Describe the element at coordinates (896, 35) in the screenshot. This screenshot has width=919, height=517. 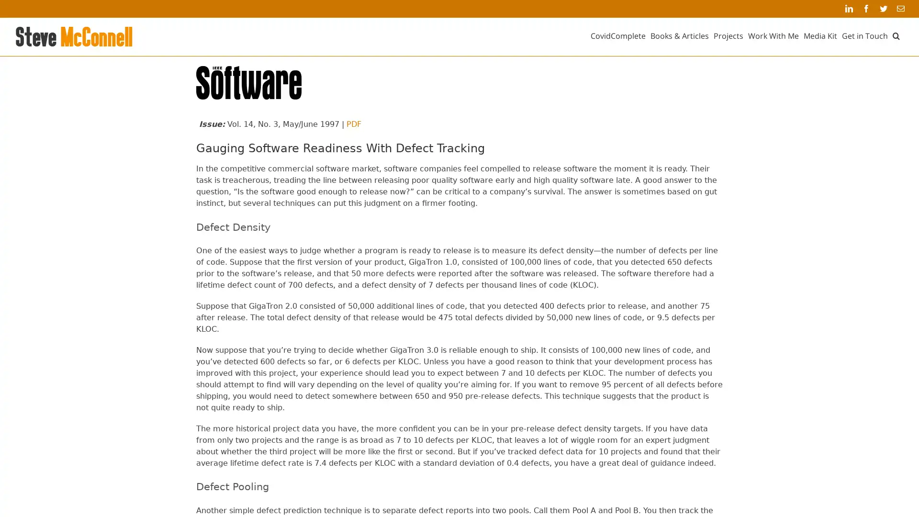
I see `Search` at that location.